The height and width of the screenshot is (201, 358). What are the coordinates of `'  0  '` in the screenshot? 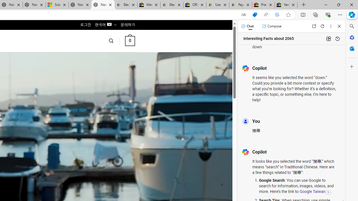 It's located at (129, 40).